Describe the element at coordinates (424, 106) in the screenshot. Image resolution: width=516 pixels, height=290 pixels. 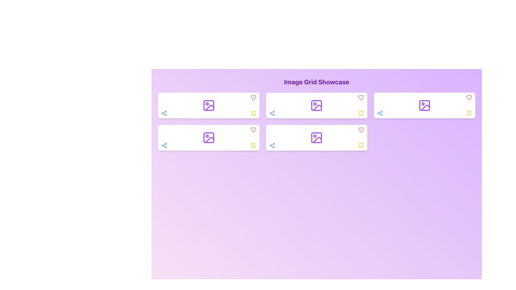
I see `the square-shaped icon with a purple outline featuring a landscape illustration, located in the top-right card of the 'Image Grid Showcase'` at that location.